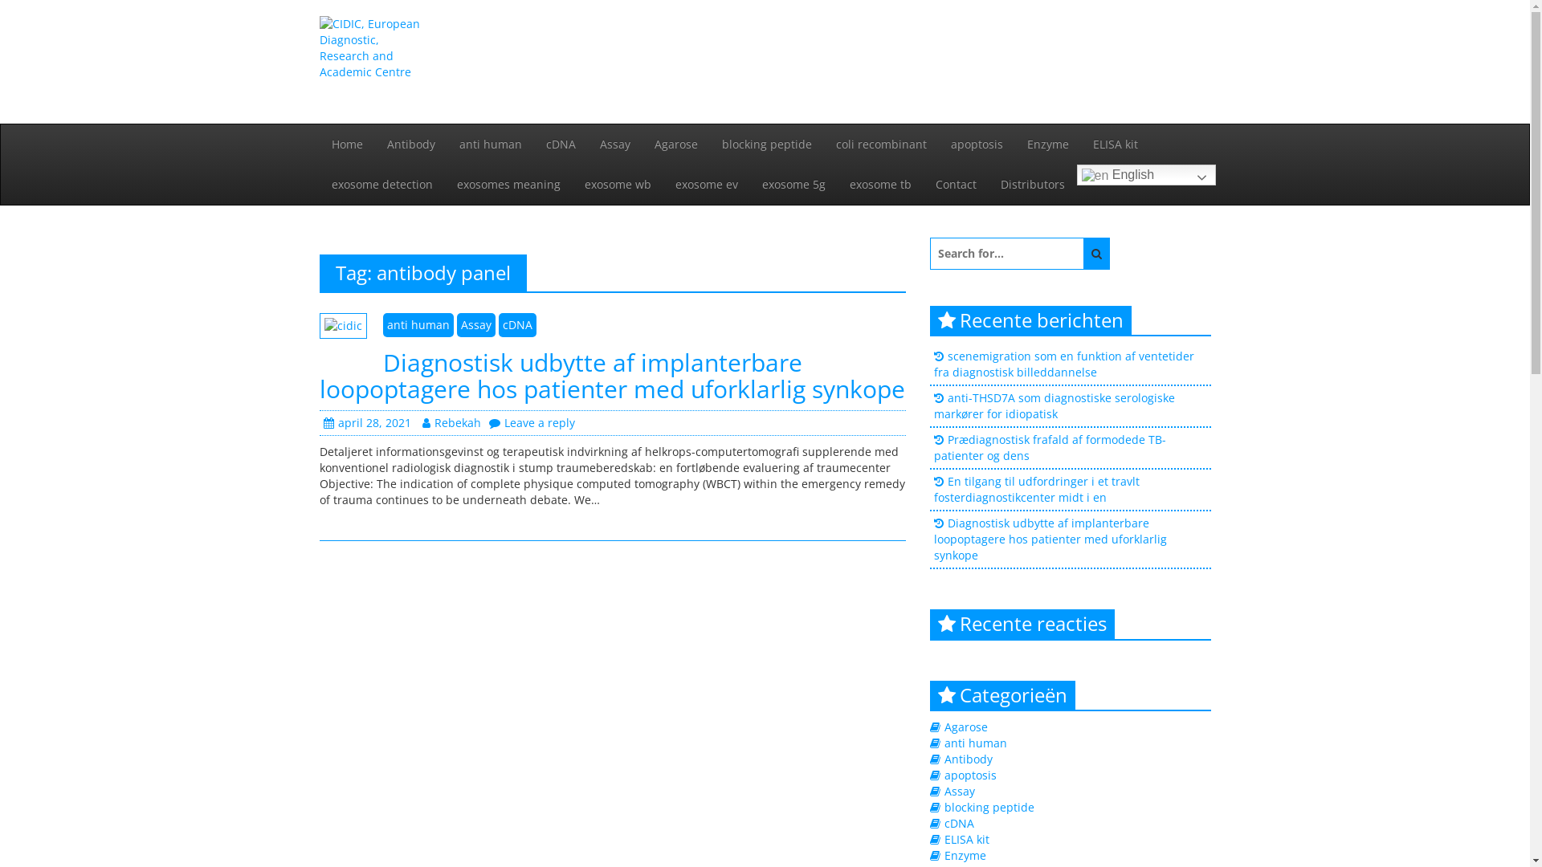 This screenshot has width=1542, height=867. Describe the element at coordinates (1032, 184) in the screenshot. I see `'Distributors'` at that location.